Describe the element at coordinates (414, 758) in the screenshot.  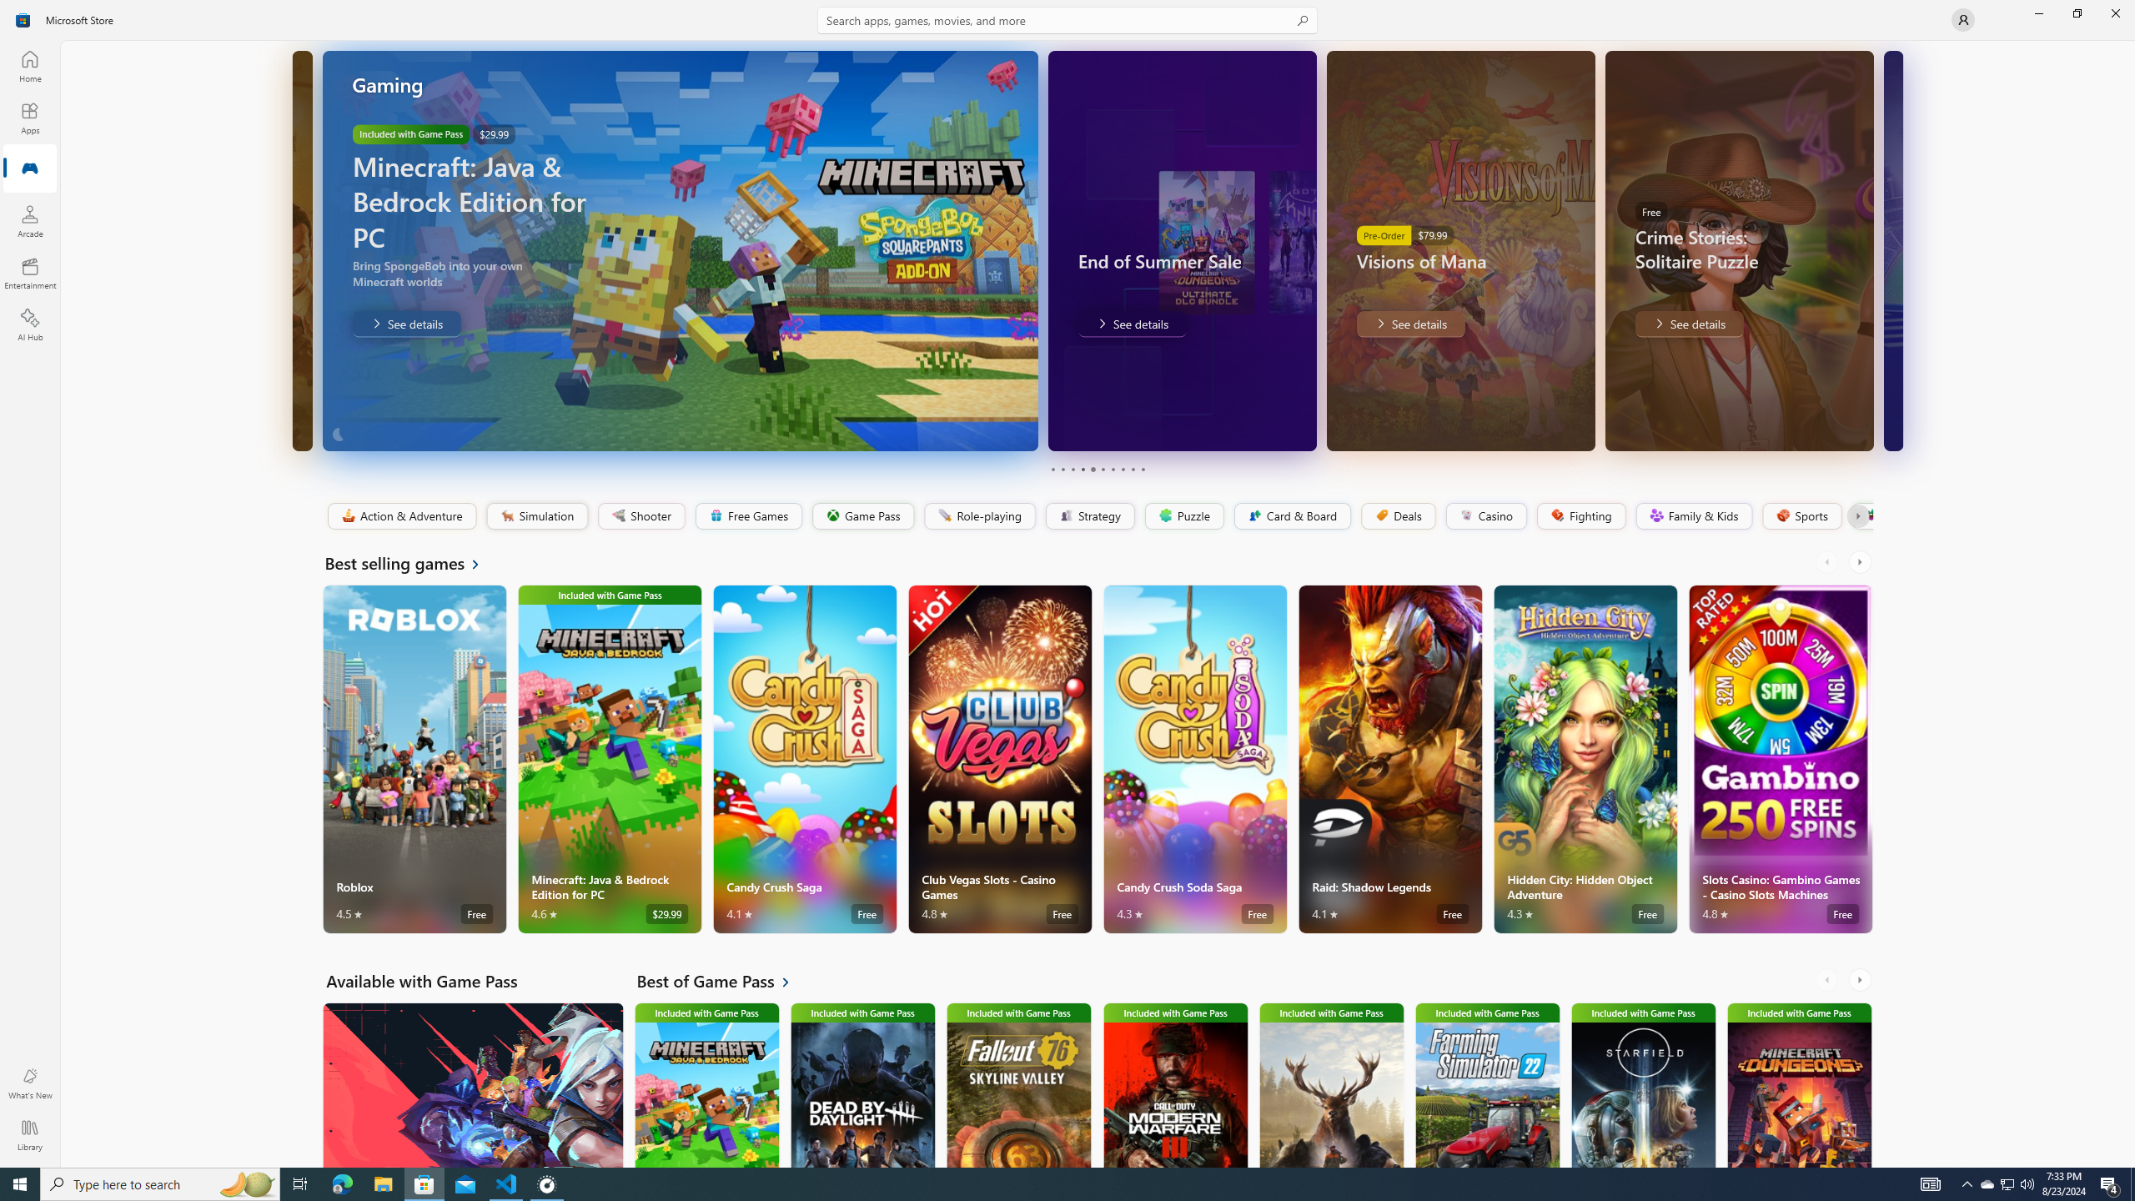
I see `'Roblox. Average rating of 4.5 out of five stars. Free  '` at that location.